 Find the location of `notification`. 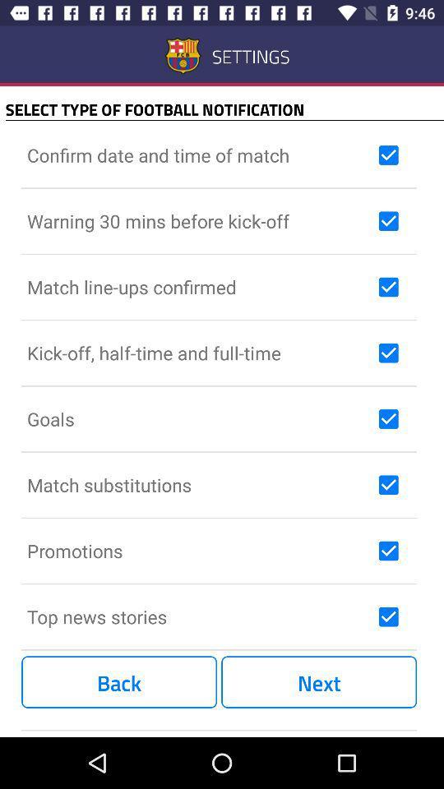

notification is located at coordinates (388, 353).